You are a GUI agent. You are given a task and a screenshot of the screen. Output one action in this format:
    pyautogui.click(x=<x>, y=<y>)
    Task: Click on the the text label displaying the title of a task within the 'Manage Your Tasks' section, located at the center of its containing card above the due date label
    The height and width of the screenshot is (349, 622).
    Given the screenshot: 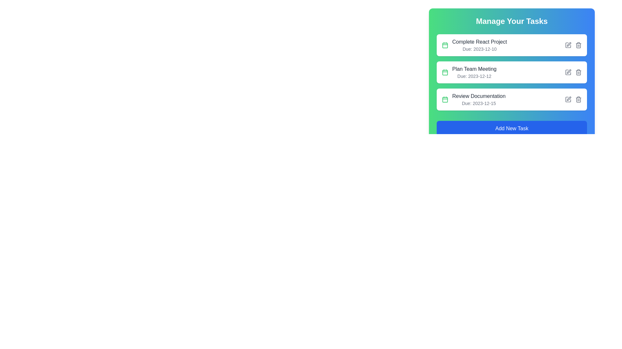 What is the action you would take?
    pyautogui.click(x=479, y=42)
    